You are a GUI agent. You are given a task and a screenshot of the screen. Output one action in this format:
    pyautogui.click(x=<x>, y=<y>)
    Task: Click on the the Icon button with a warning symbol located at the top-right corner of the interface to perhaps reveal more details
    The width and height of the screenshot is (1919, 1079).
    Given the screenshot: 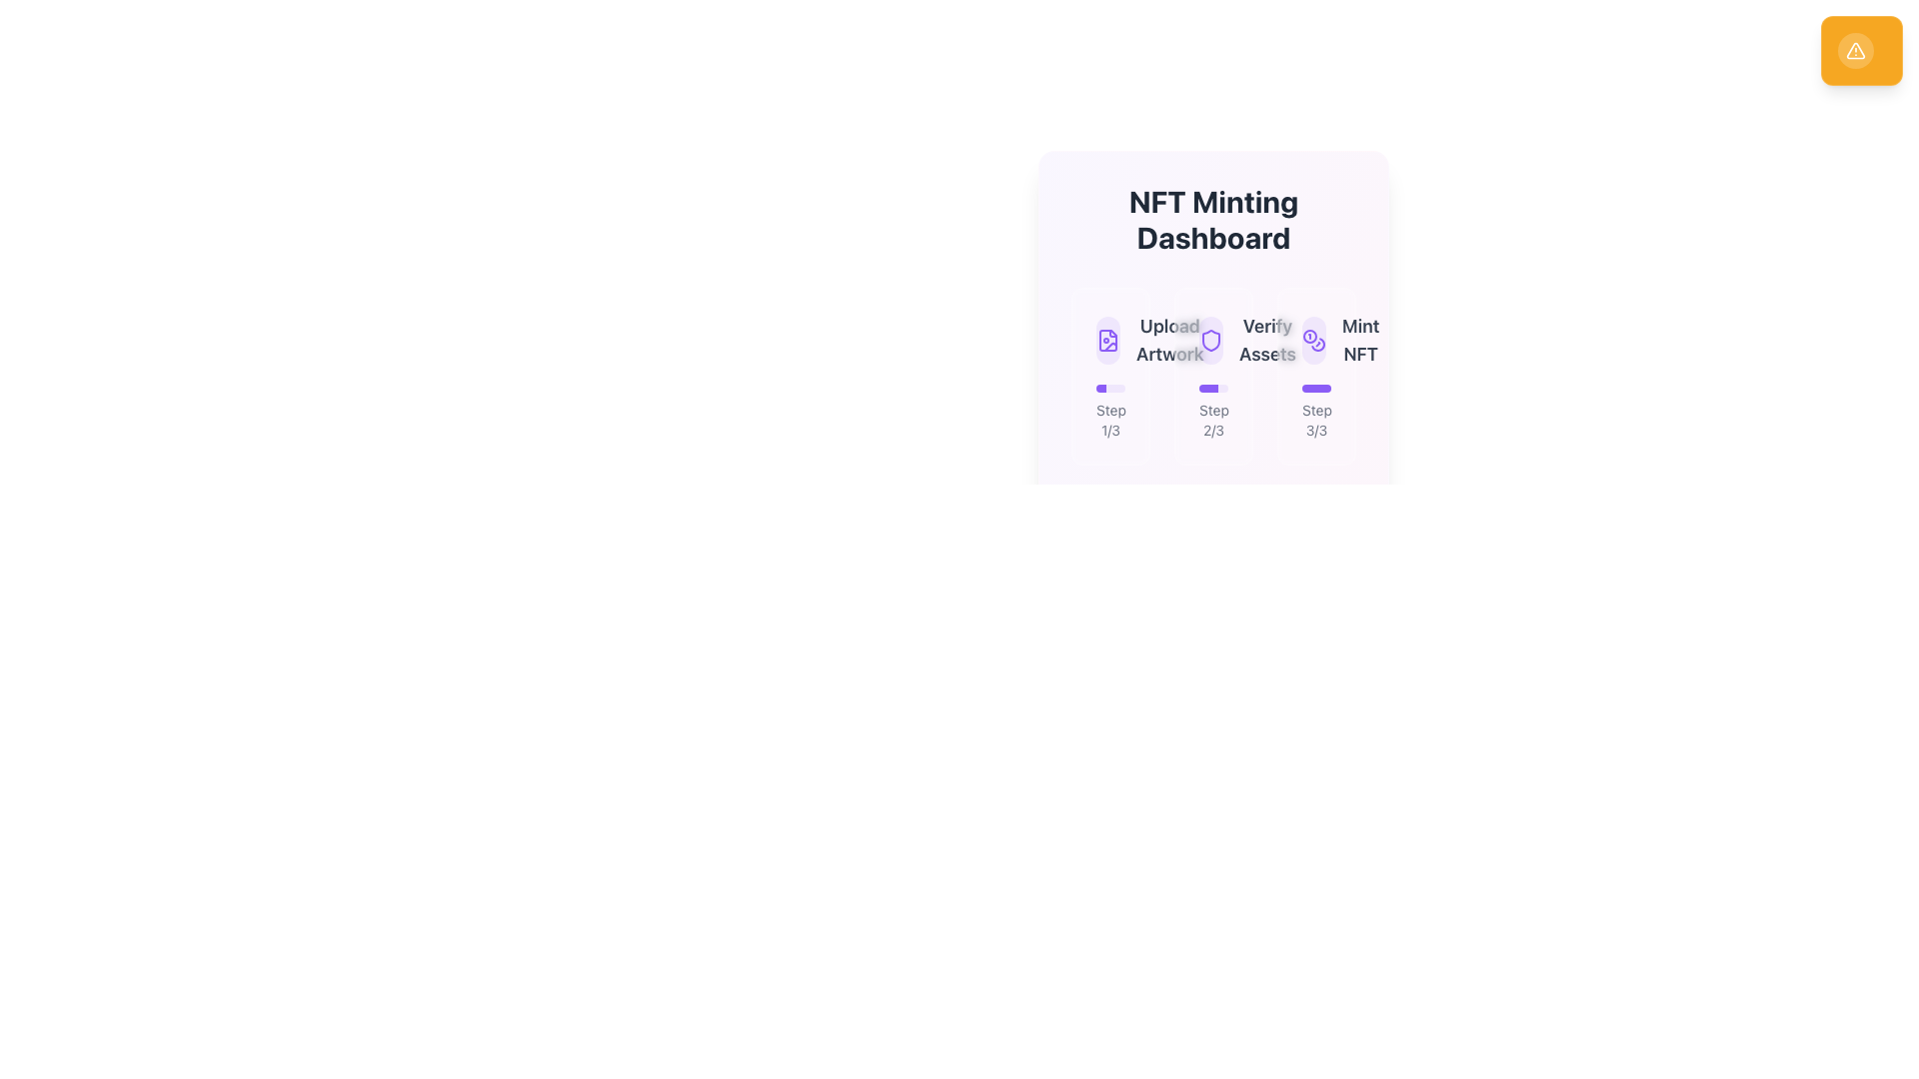 What is the action you would take?
    pyautogui.click(x=1855, y=49)
    